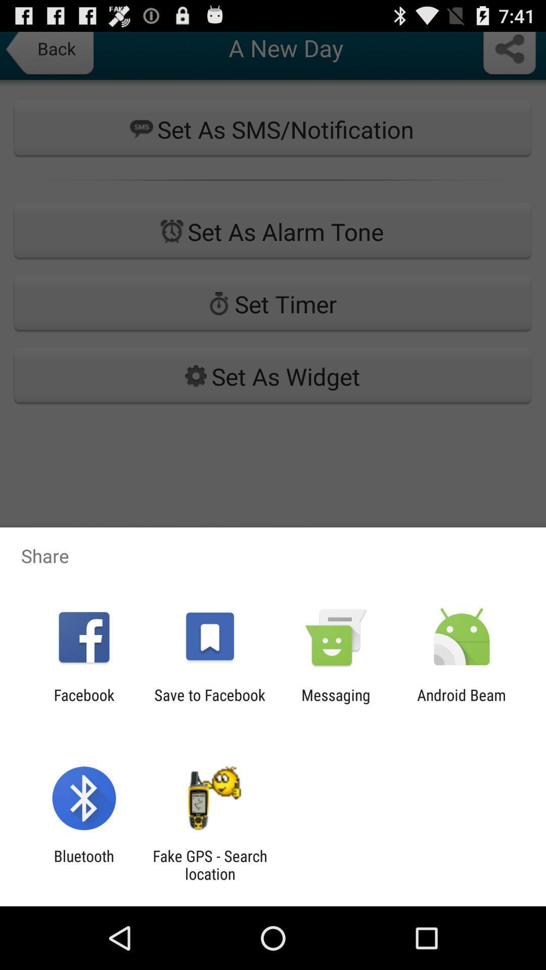 This screenshot has width=546, height=970. What do you see at coordinates (336, 703) in the screenshot?
I see `app next to save to facebook` at bounding box center [336, 703].